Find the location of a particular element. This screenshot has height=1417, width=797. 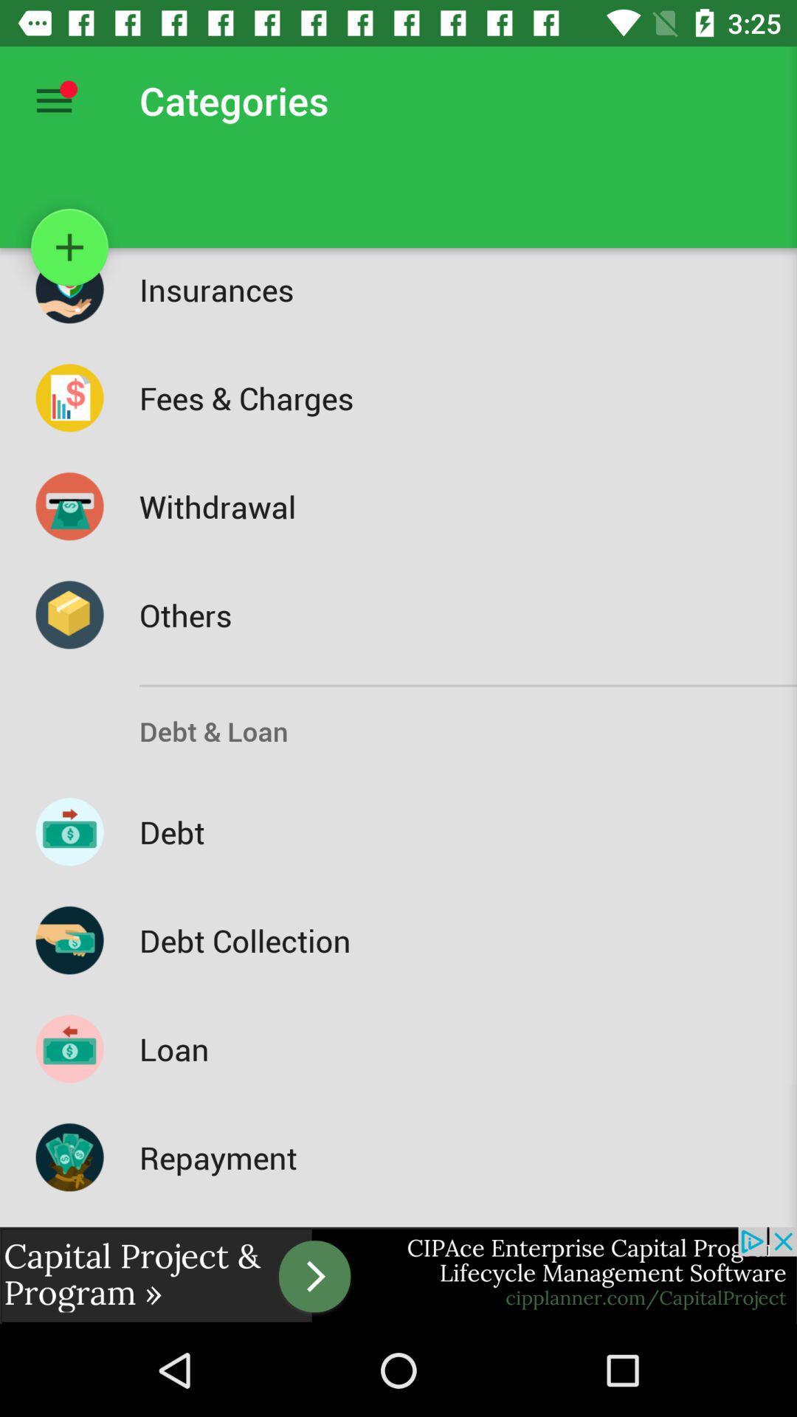

advertisement page is located at coordinates (398, 1275).